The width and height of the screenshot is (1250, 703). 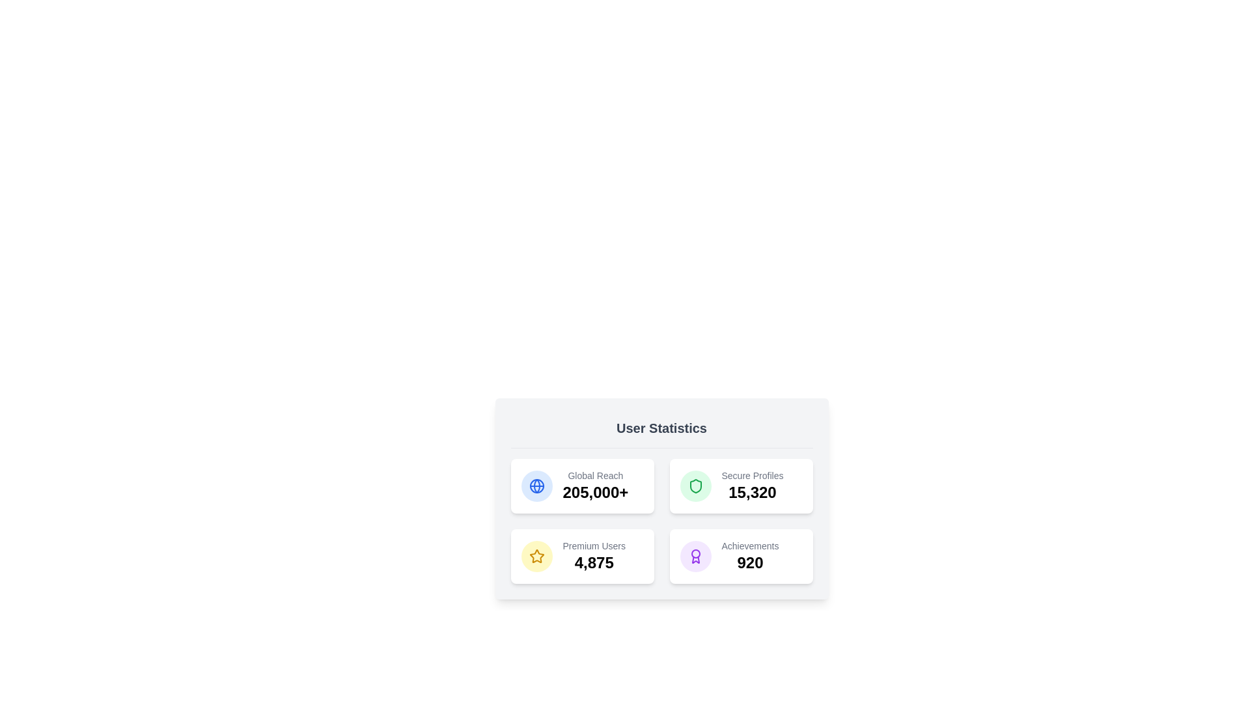 I want to click on the 'Secure Profiles' icon element, which is a visual indicator with a shield motif, located in the top-right quadrant of the card labeled 'Secure Profiles 15,320', so click(x=695, y=486).